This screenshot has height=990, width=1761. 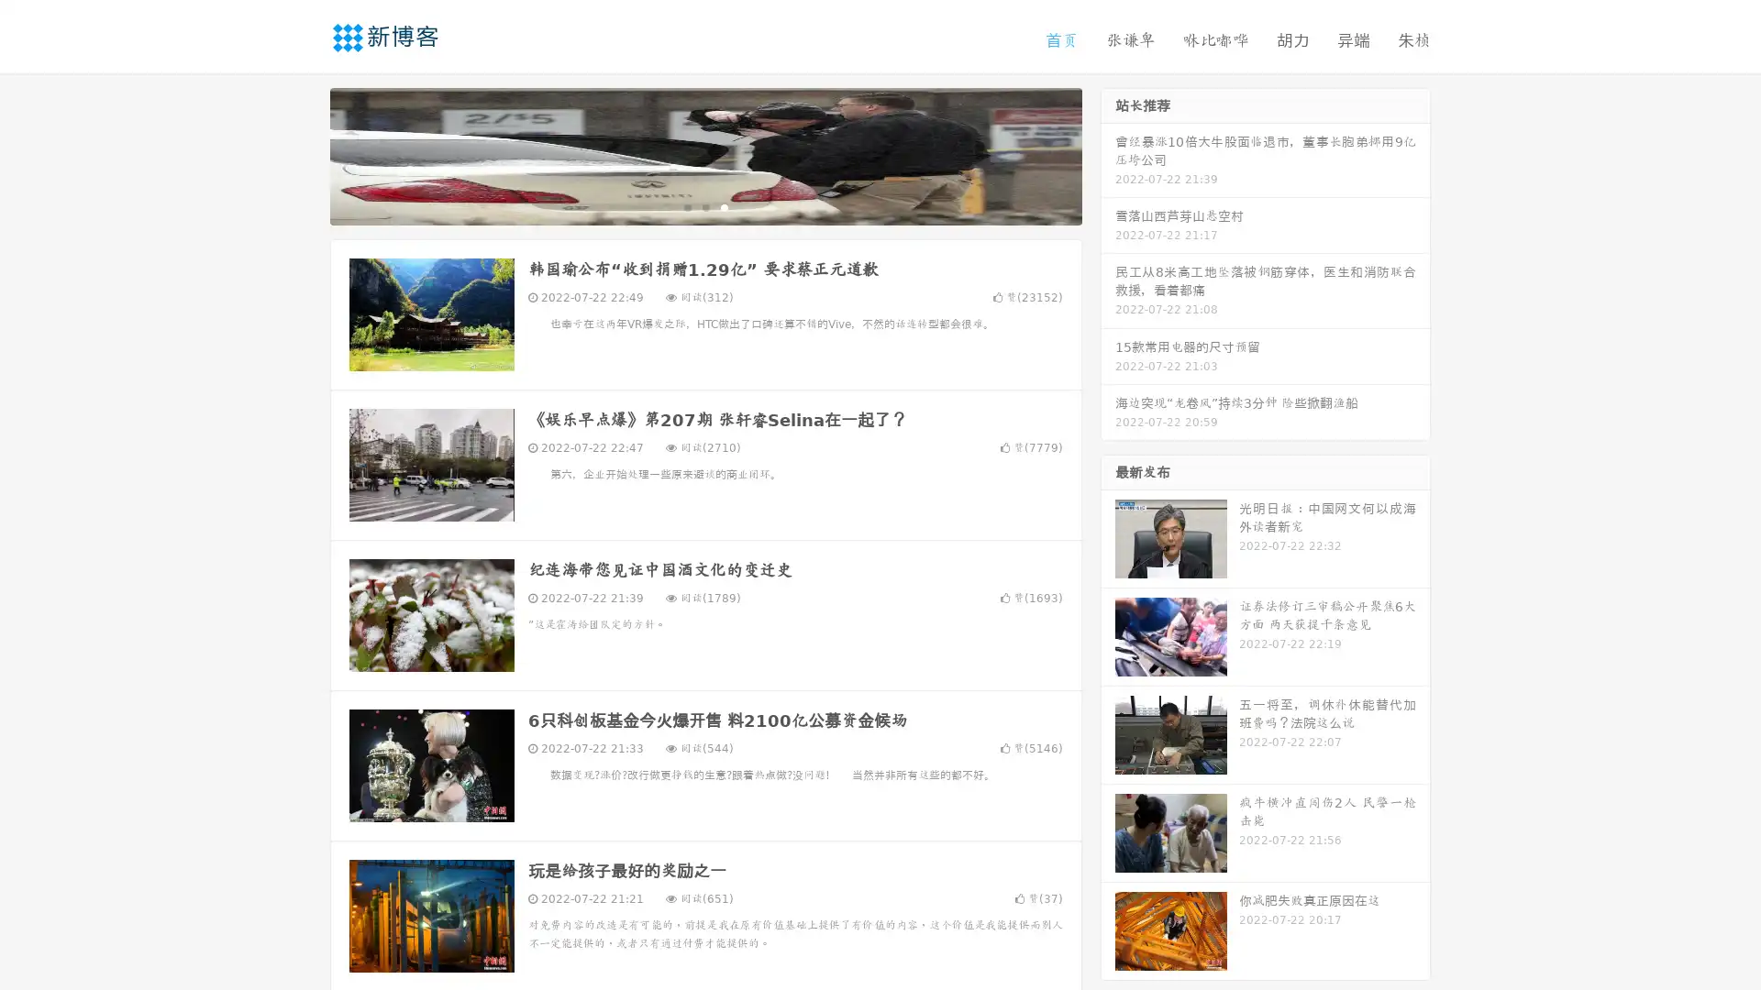 I want to click on Go to slide 1, so click(x=686, y=206).